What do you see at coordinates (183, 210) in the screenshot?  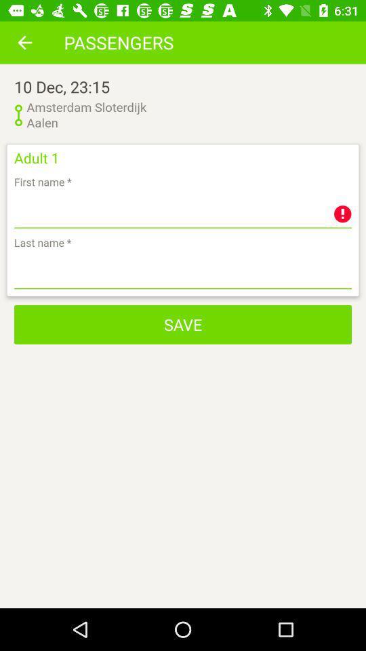 I see `the first name of adult 1` at bounding box center [183, 210].